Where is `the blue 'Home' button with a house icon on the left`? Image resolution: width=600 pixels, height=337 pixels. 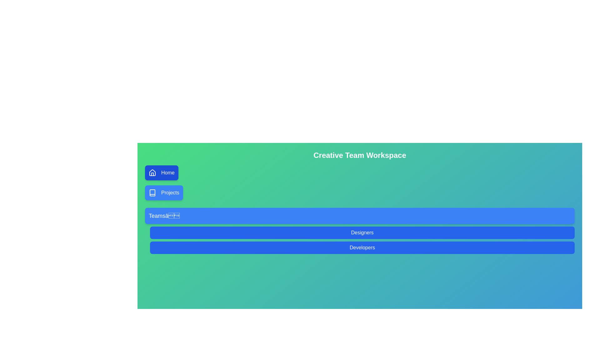
the blue 'Home' button with a house icon on the left is located at coordinates (162, 173).